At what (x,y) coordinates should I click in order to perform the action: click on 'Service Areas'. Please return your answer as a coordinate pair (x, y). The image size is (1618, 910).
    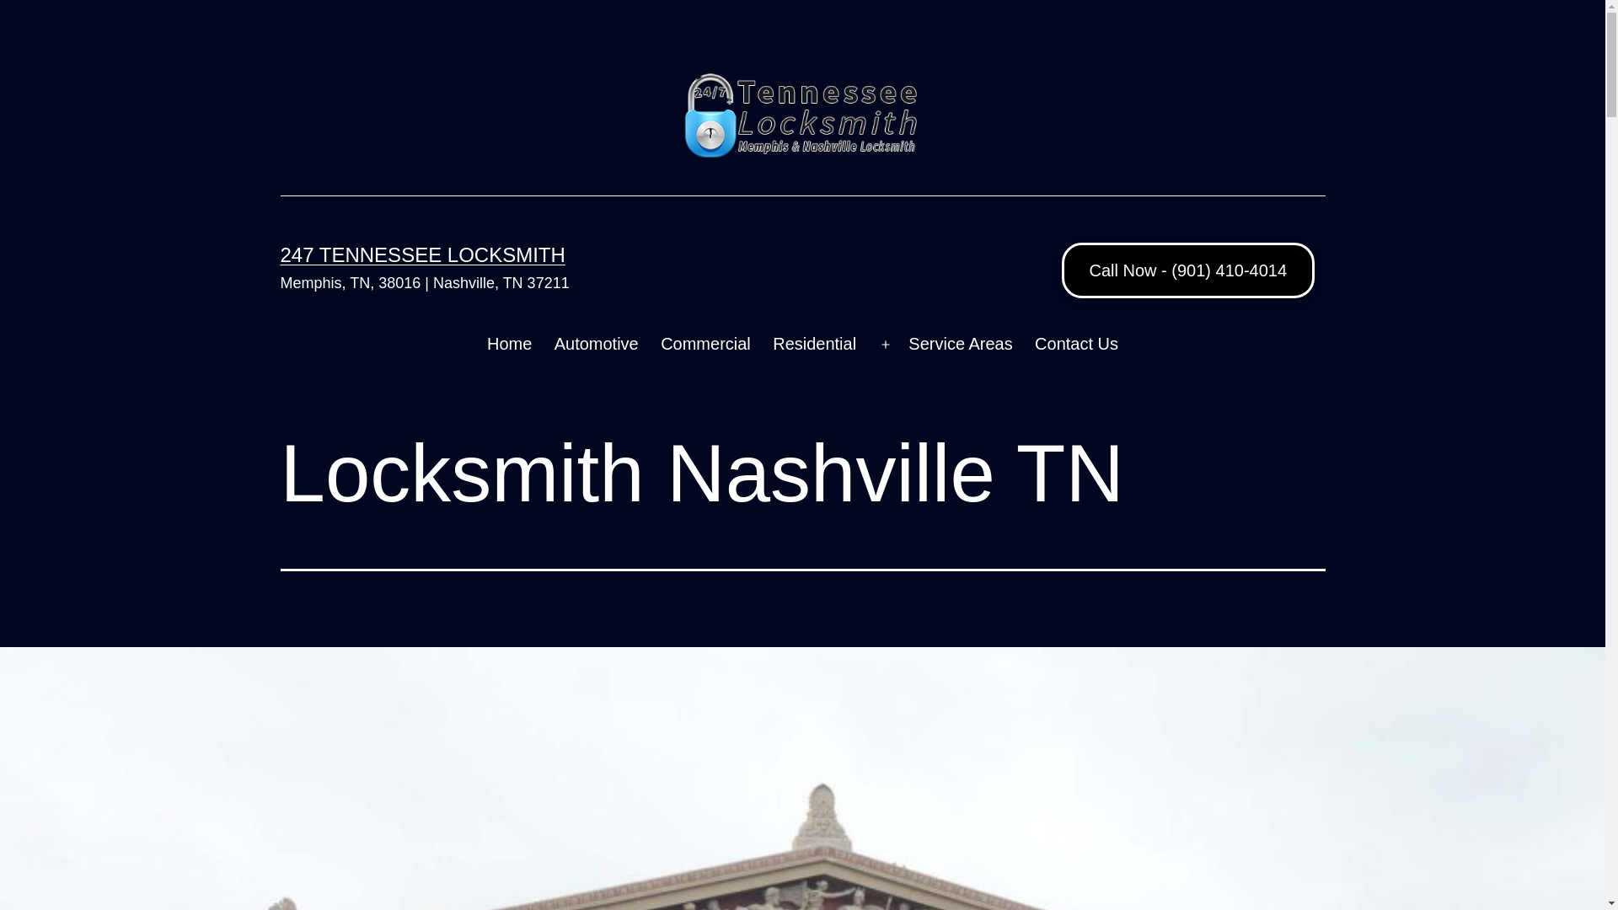
    Looking at the image, I should click on (961, 343).